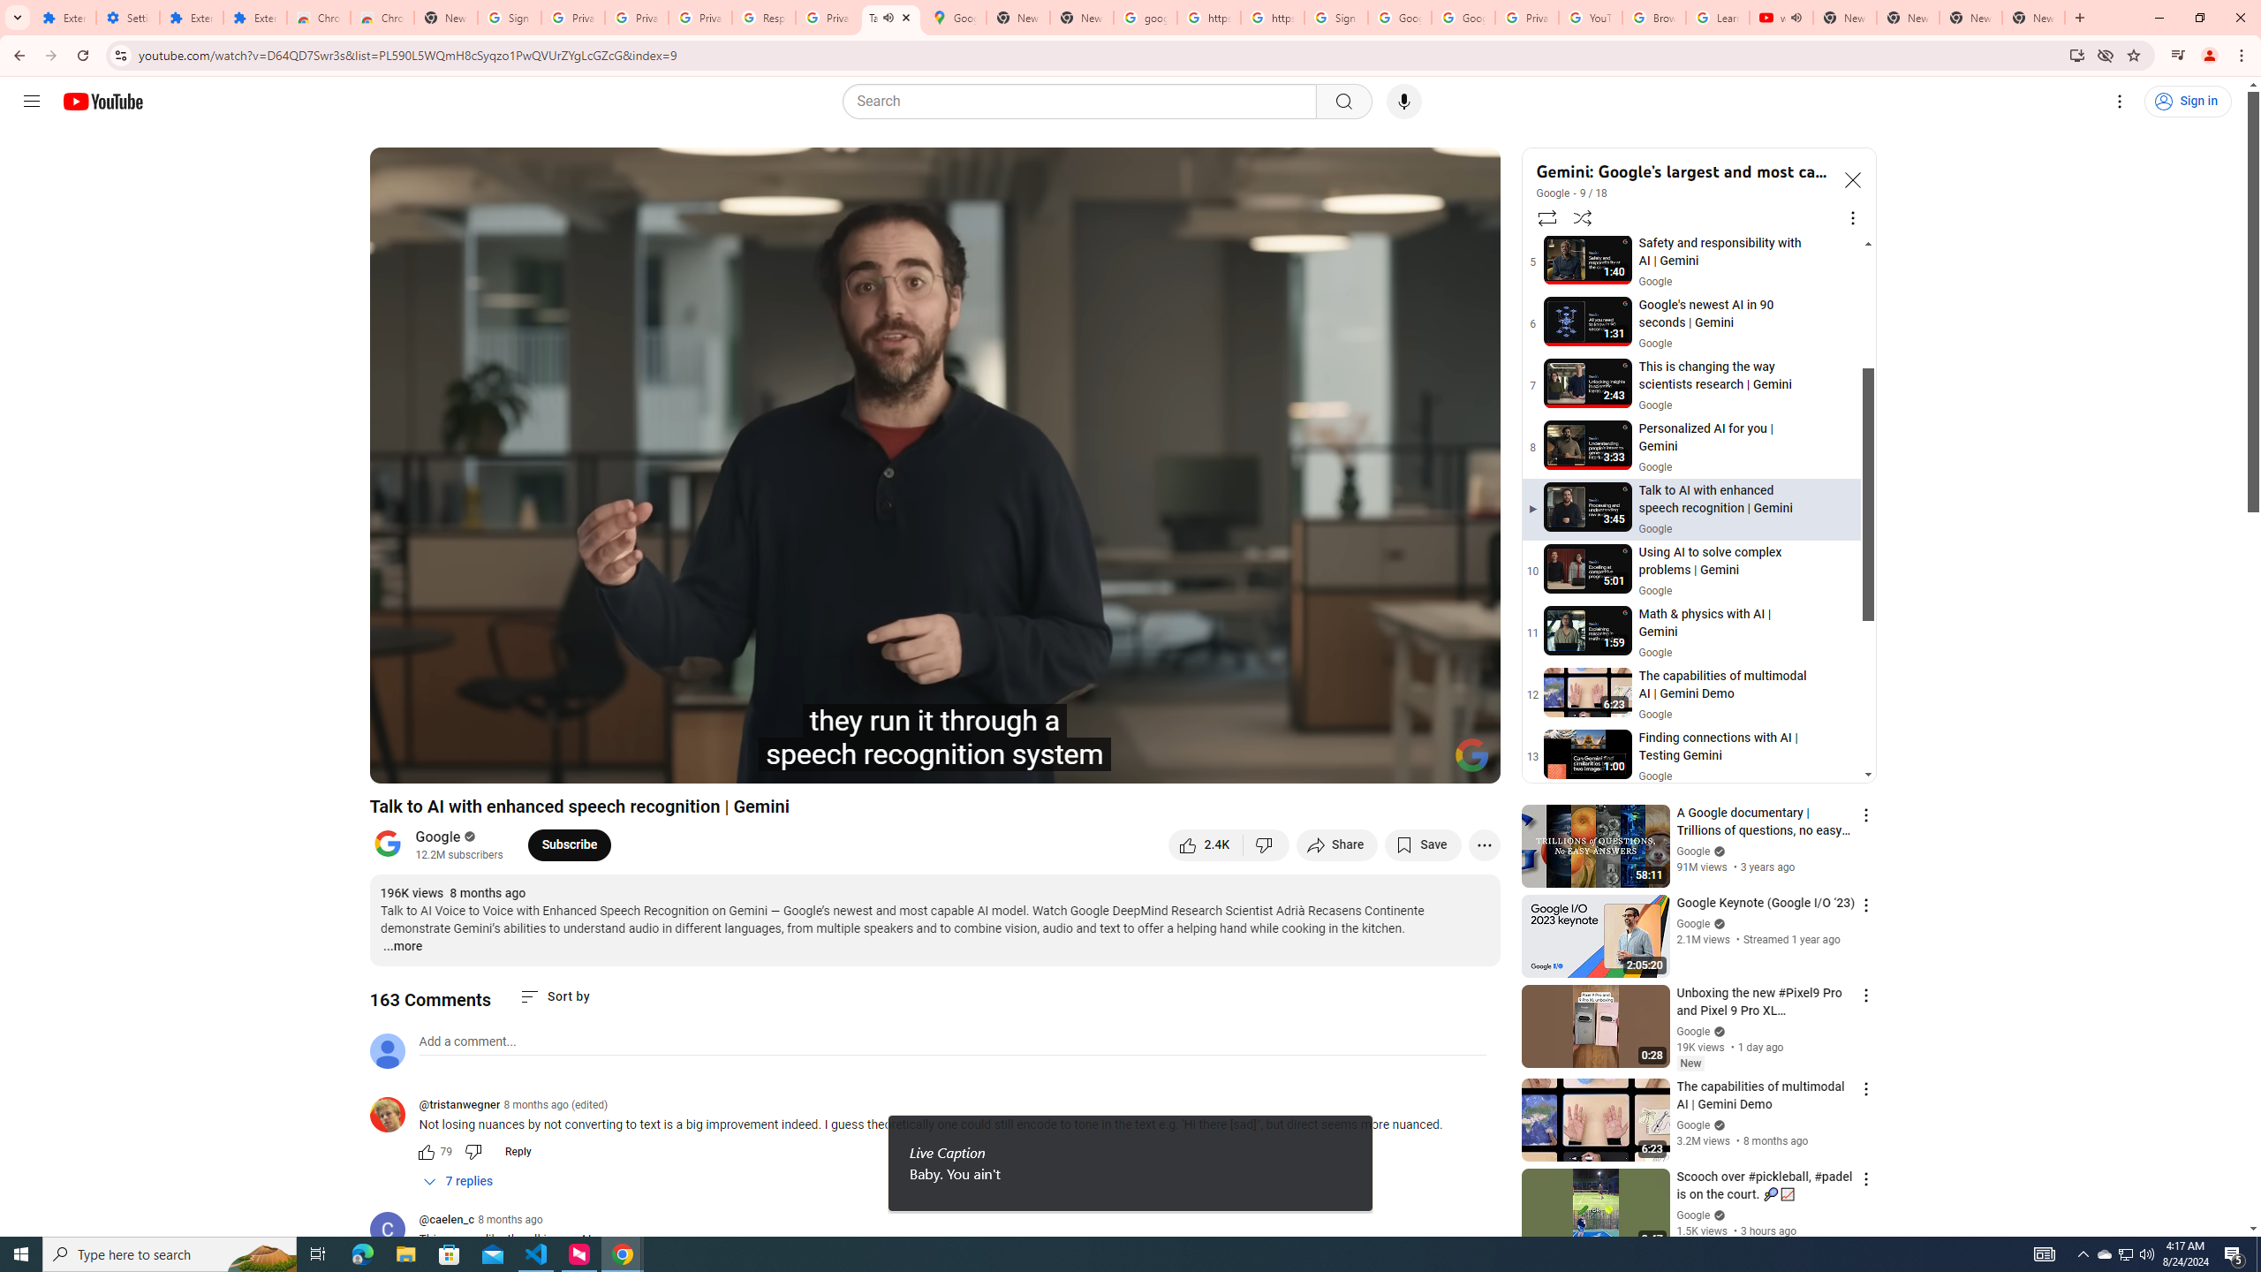 This screenshot has width=2261, height=1272. I want to click on 'https://scholar.google.com/', so click(1271, 17).